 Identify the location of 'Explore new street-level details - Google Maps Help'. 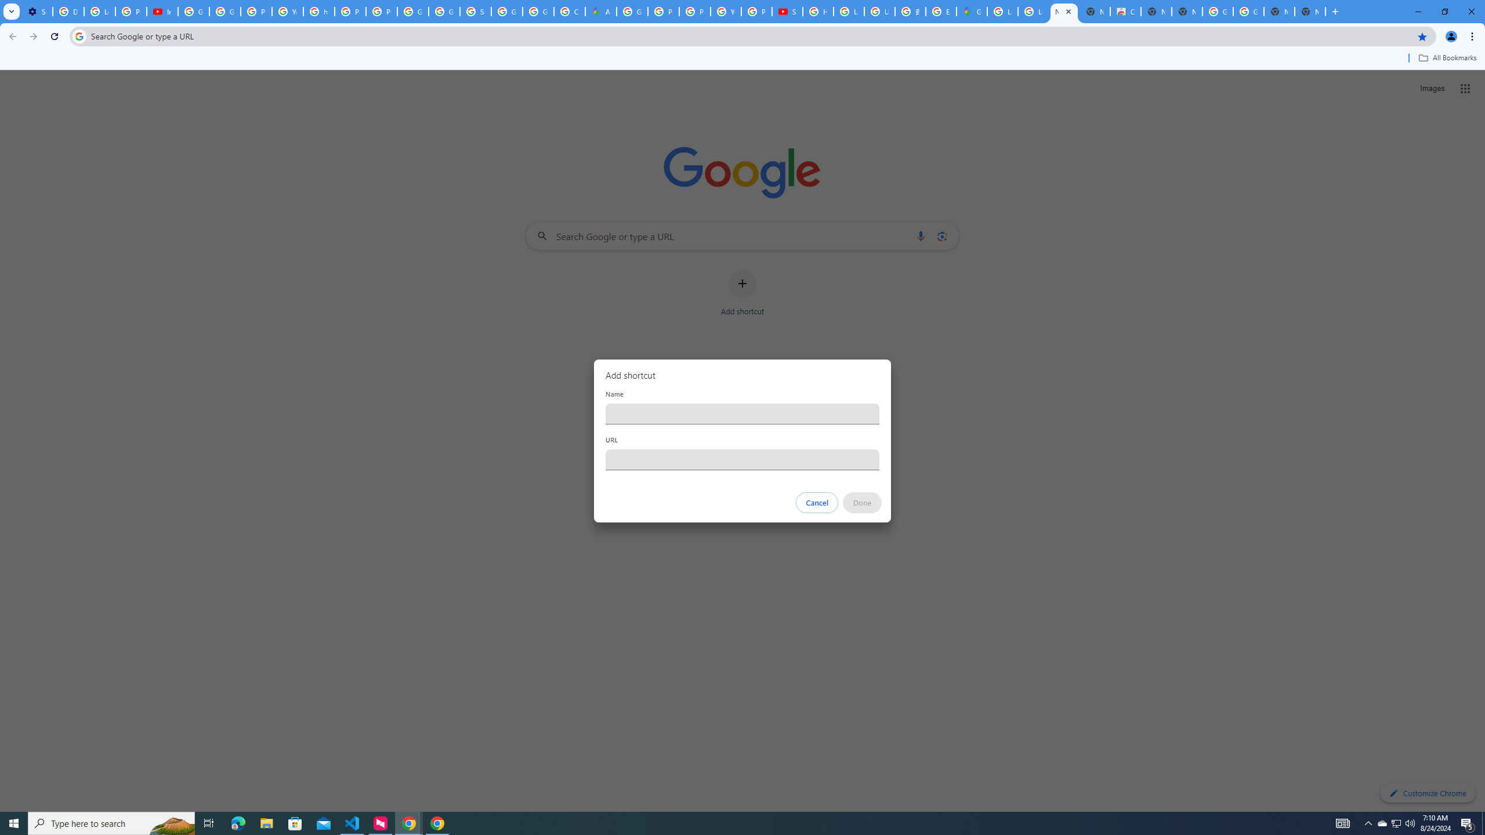
(941, 11).